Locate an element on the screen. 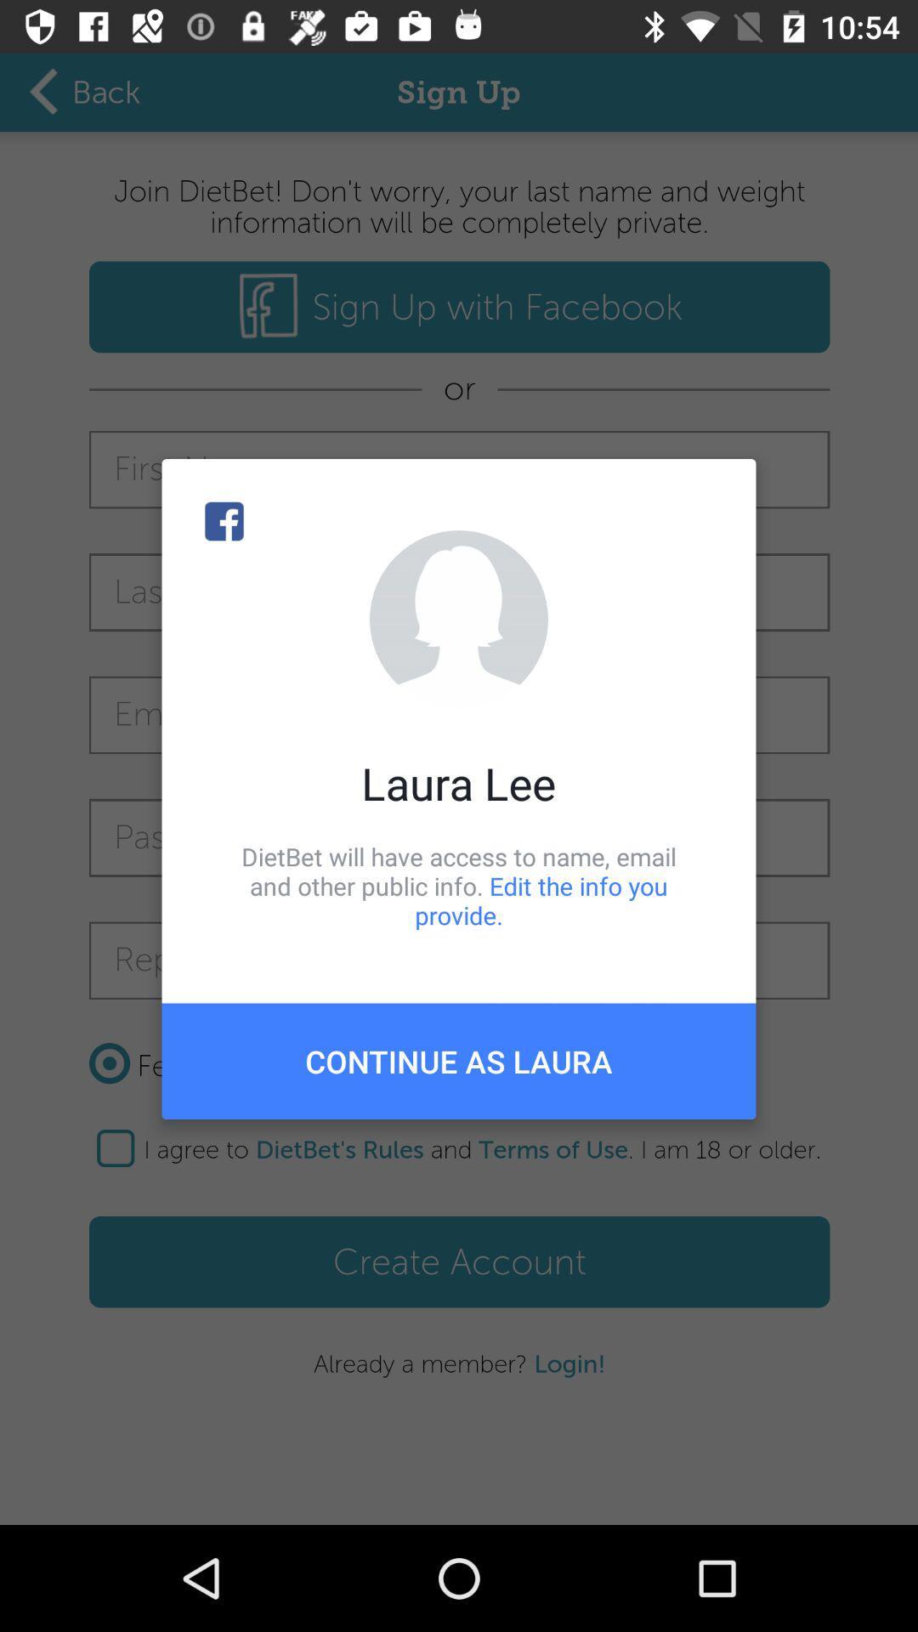 The width and height of the screenshot is (918, 1632). the dietbet will have item is located at coordinates (459, 885).